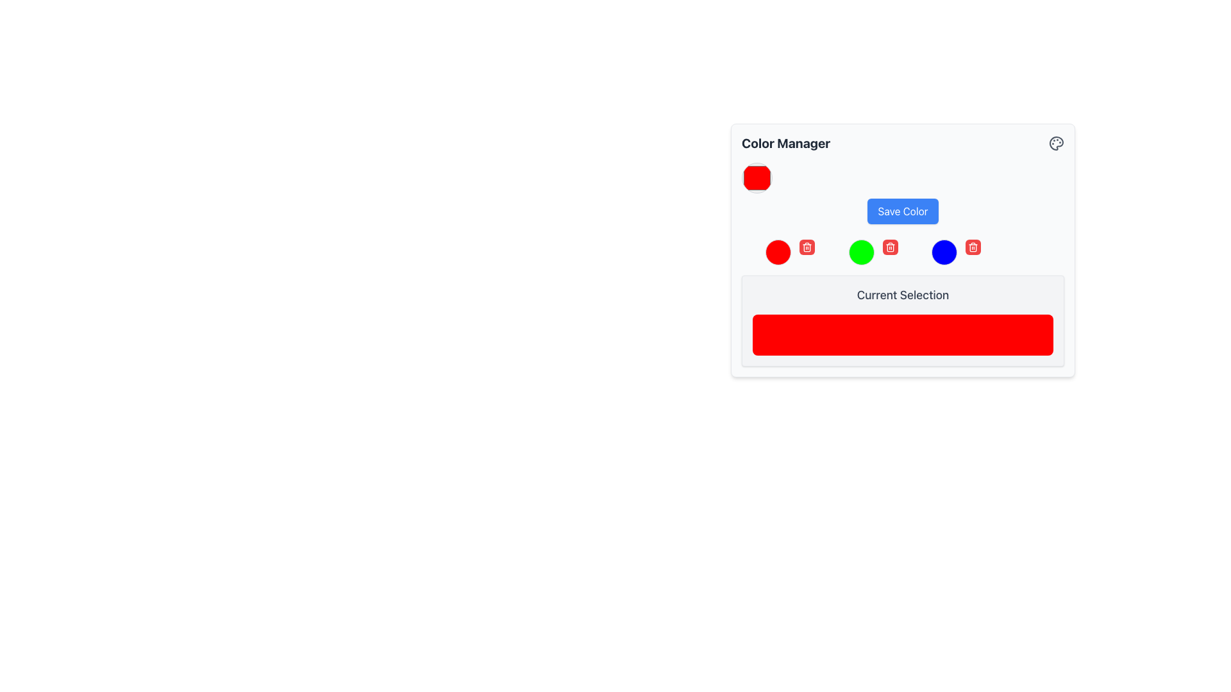 The height and width of the screenshot is (692, 1231). What do you see at coordinates (757, 177) in the screenshot?
I see `the small circular red button located at the top-left corner of the Color Manager section` at bounding box center [757, 177].